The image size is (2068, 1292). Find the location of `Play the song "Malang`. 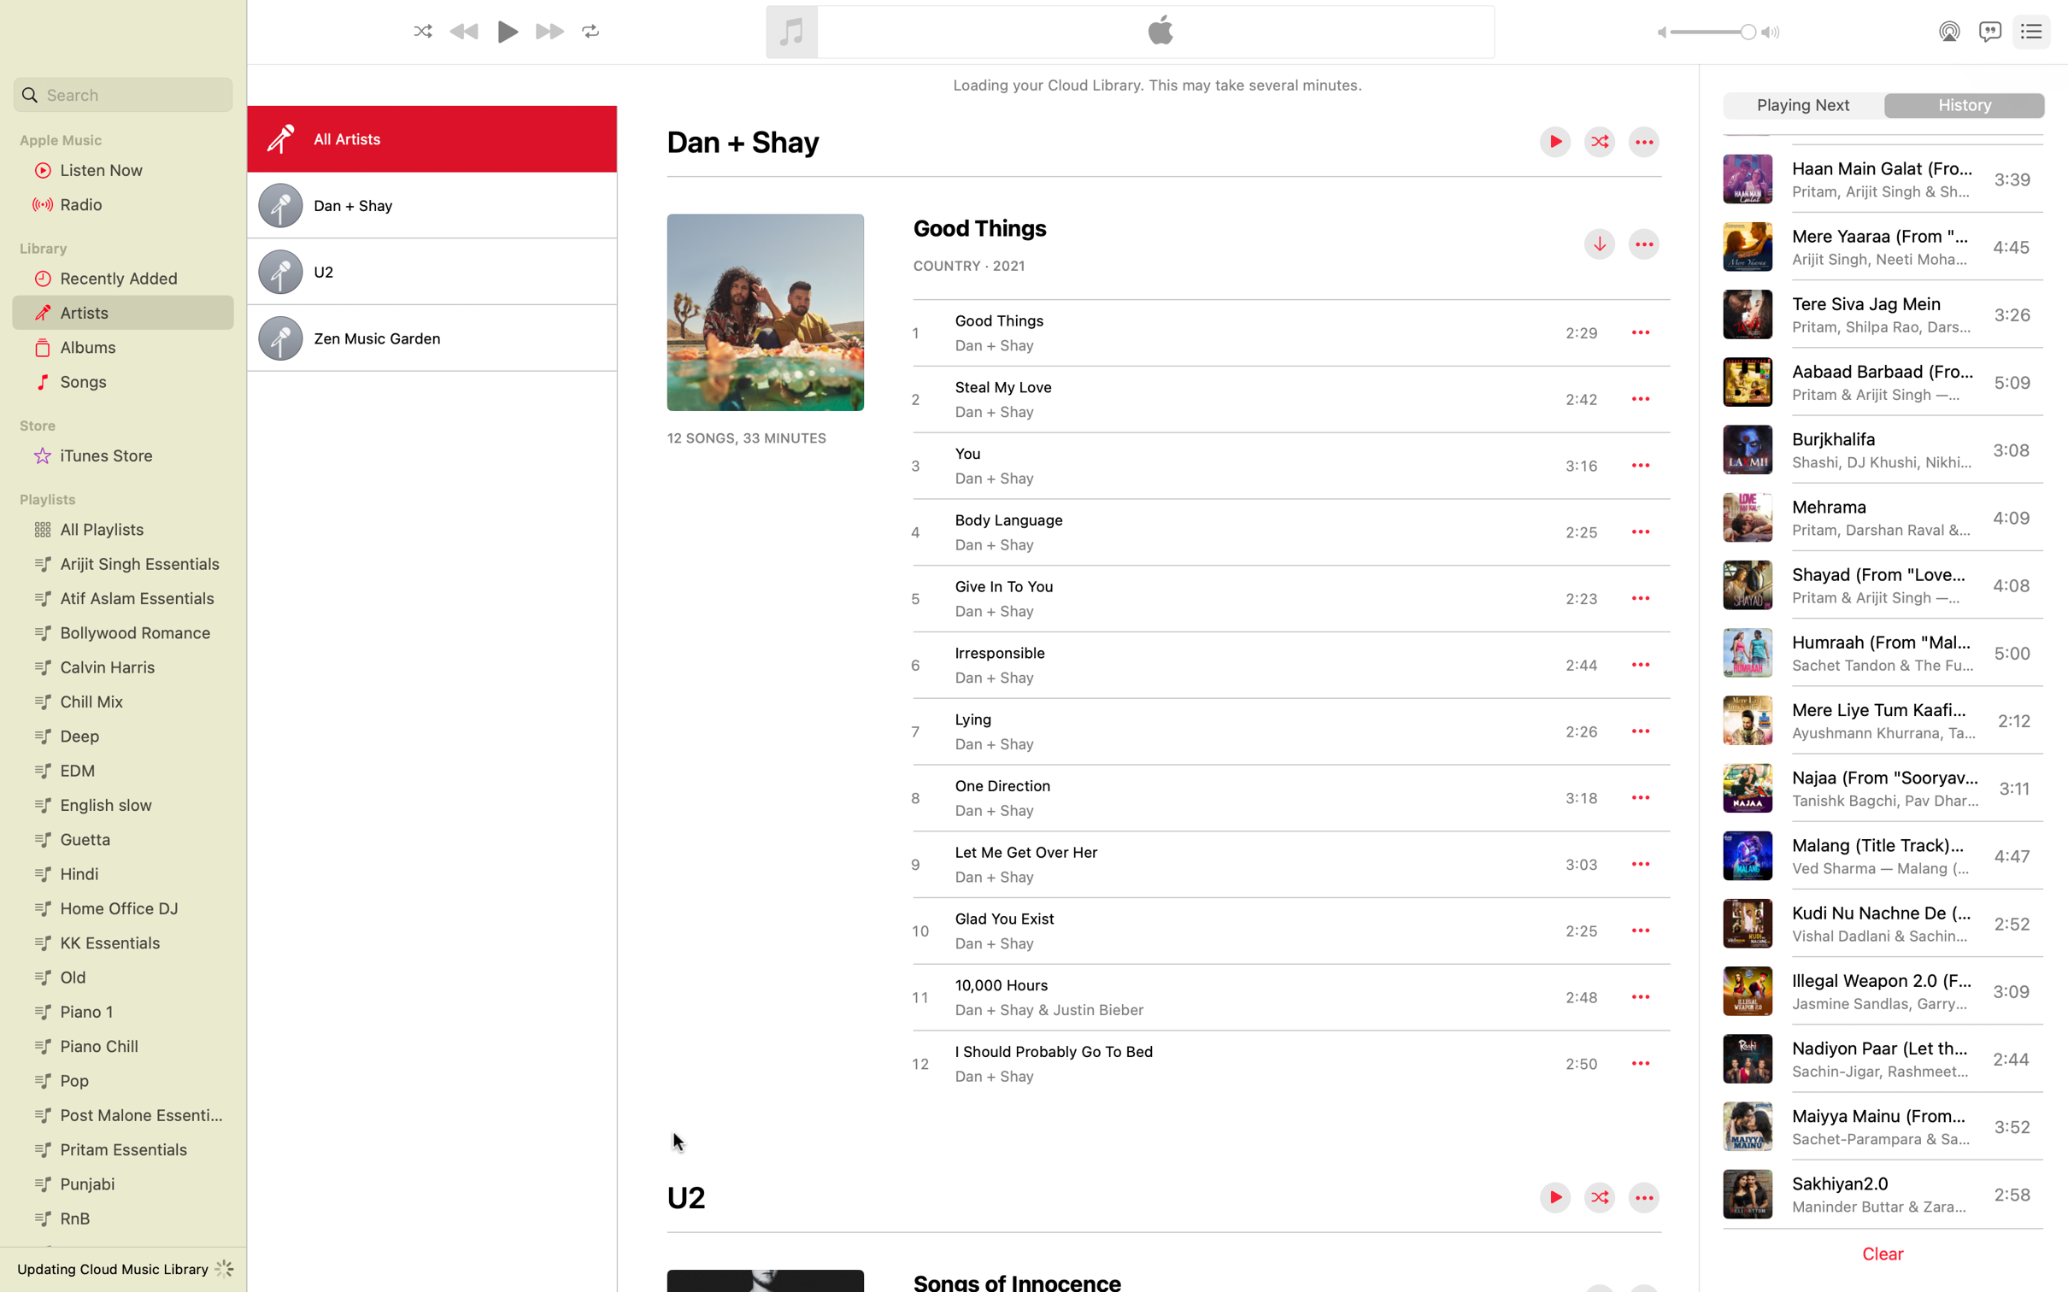

Play the song "Malang is located at coordinates (1878, 854).